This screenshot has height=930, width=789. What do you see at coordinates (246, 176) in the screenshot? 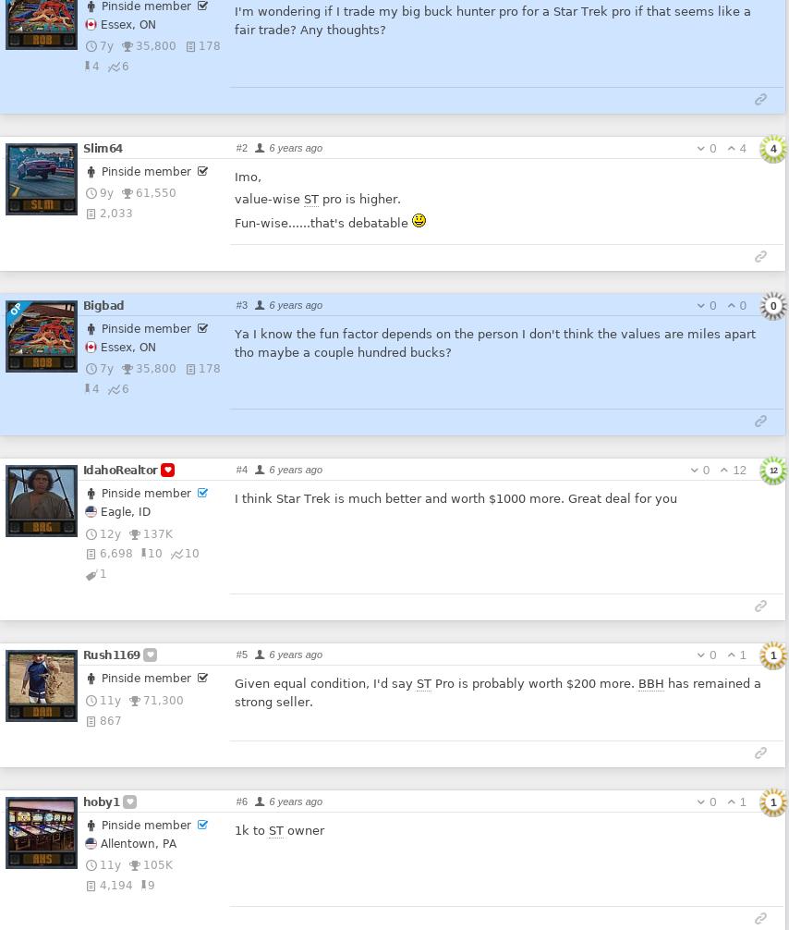
I see `'Imo,'` at bounding box center [246, 176].